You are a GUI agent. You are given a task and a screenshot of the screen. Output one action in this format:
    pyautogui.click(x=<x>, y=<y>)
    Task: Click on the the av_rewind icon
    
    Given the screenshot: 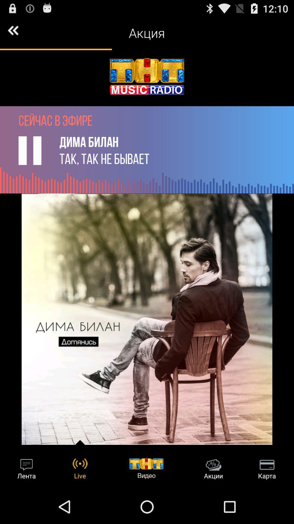 What is the action you would take?
    pyautogui.click(x=13, y=32)
    